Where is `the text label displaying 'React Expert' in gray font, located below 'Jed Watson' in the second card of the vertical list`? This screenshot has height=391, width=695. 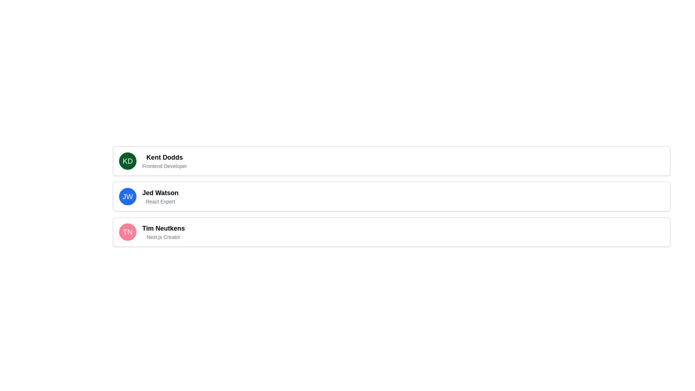 the text label displaying 'React Expert' in gray font, located below 'Jed Watson' in the second card of the vertical list is located at coordinates (160, 201).